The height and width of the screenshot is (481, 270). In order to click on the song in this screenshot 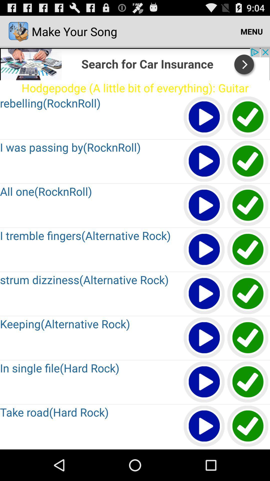, I will do `click(204, 338)`.